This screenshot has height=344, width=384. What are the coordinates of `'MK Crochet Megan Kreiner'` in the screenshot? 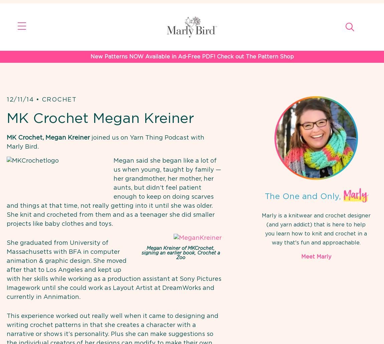 It's located at (100, 119).